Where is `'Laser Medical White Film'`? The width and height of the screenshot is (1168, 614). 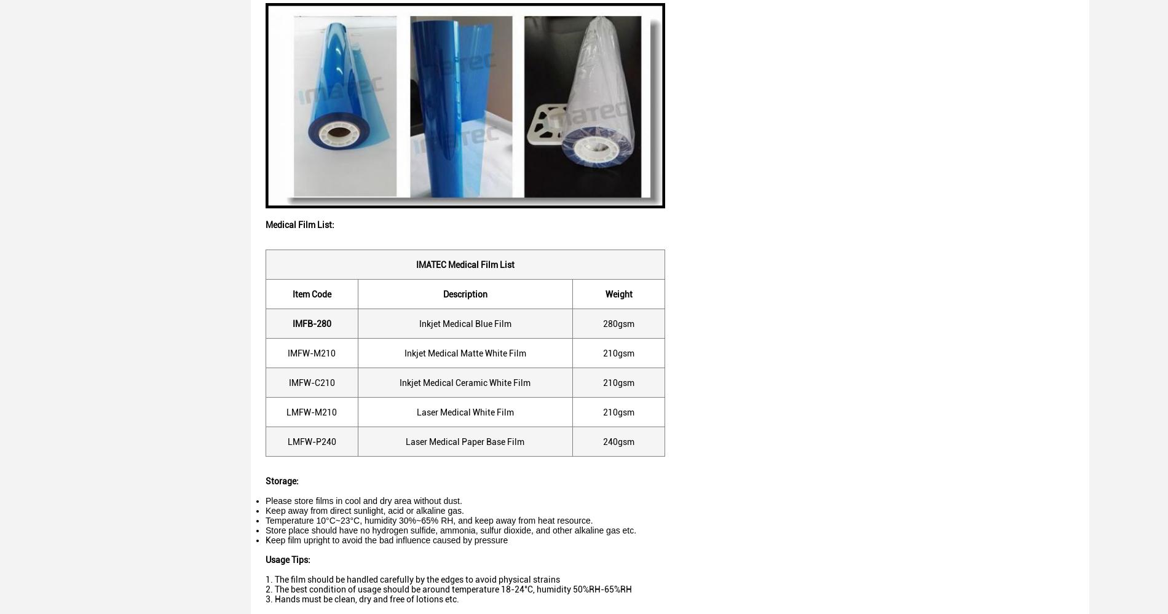 'Laser Medical White Film' is located at coordinates (464, 412).